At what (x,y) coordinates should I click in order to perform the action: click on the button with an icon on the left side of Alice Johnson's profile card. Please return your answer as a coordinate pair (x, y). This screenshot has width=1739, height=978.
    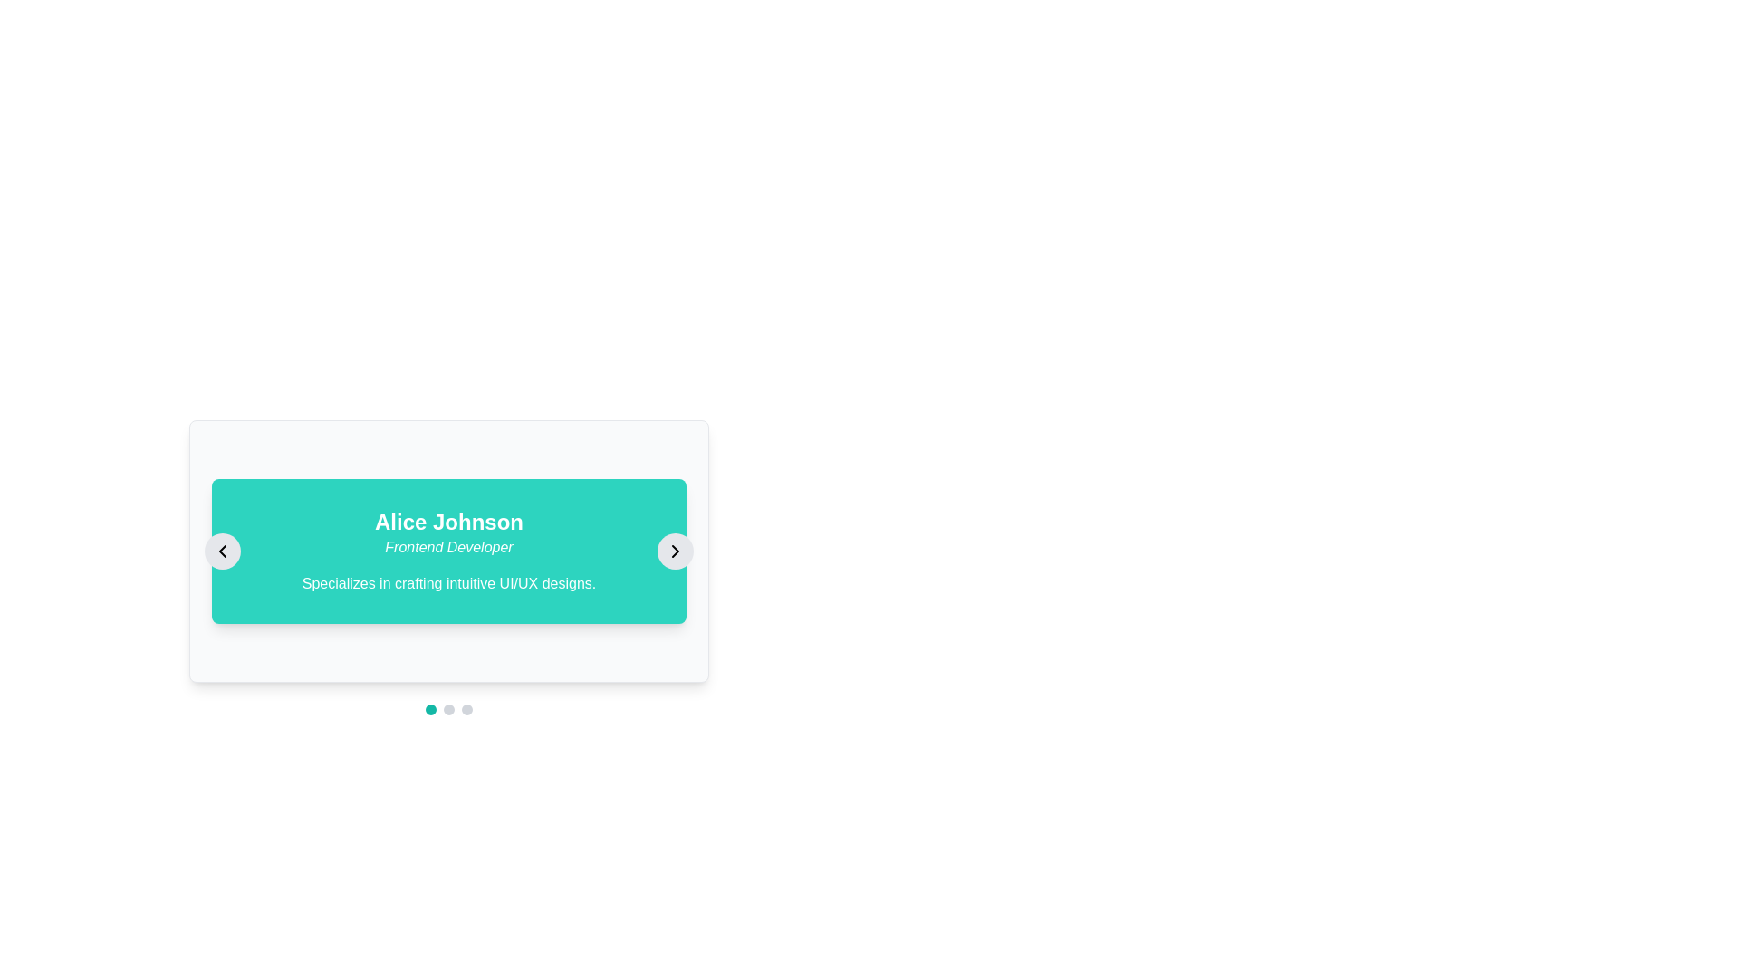
    Looking at the image, I should click on (221, 551).